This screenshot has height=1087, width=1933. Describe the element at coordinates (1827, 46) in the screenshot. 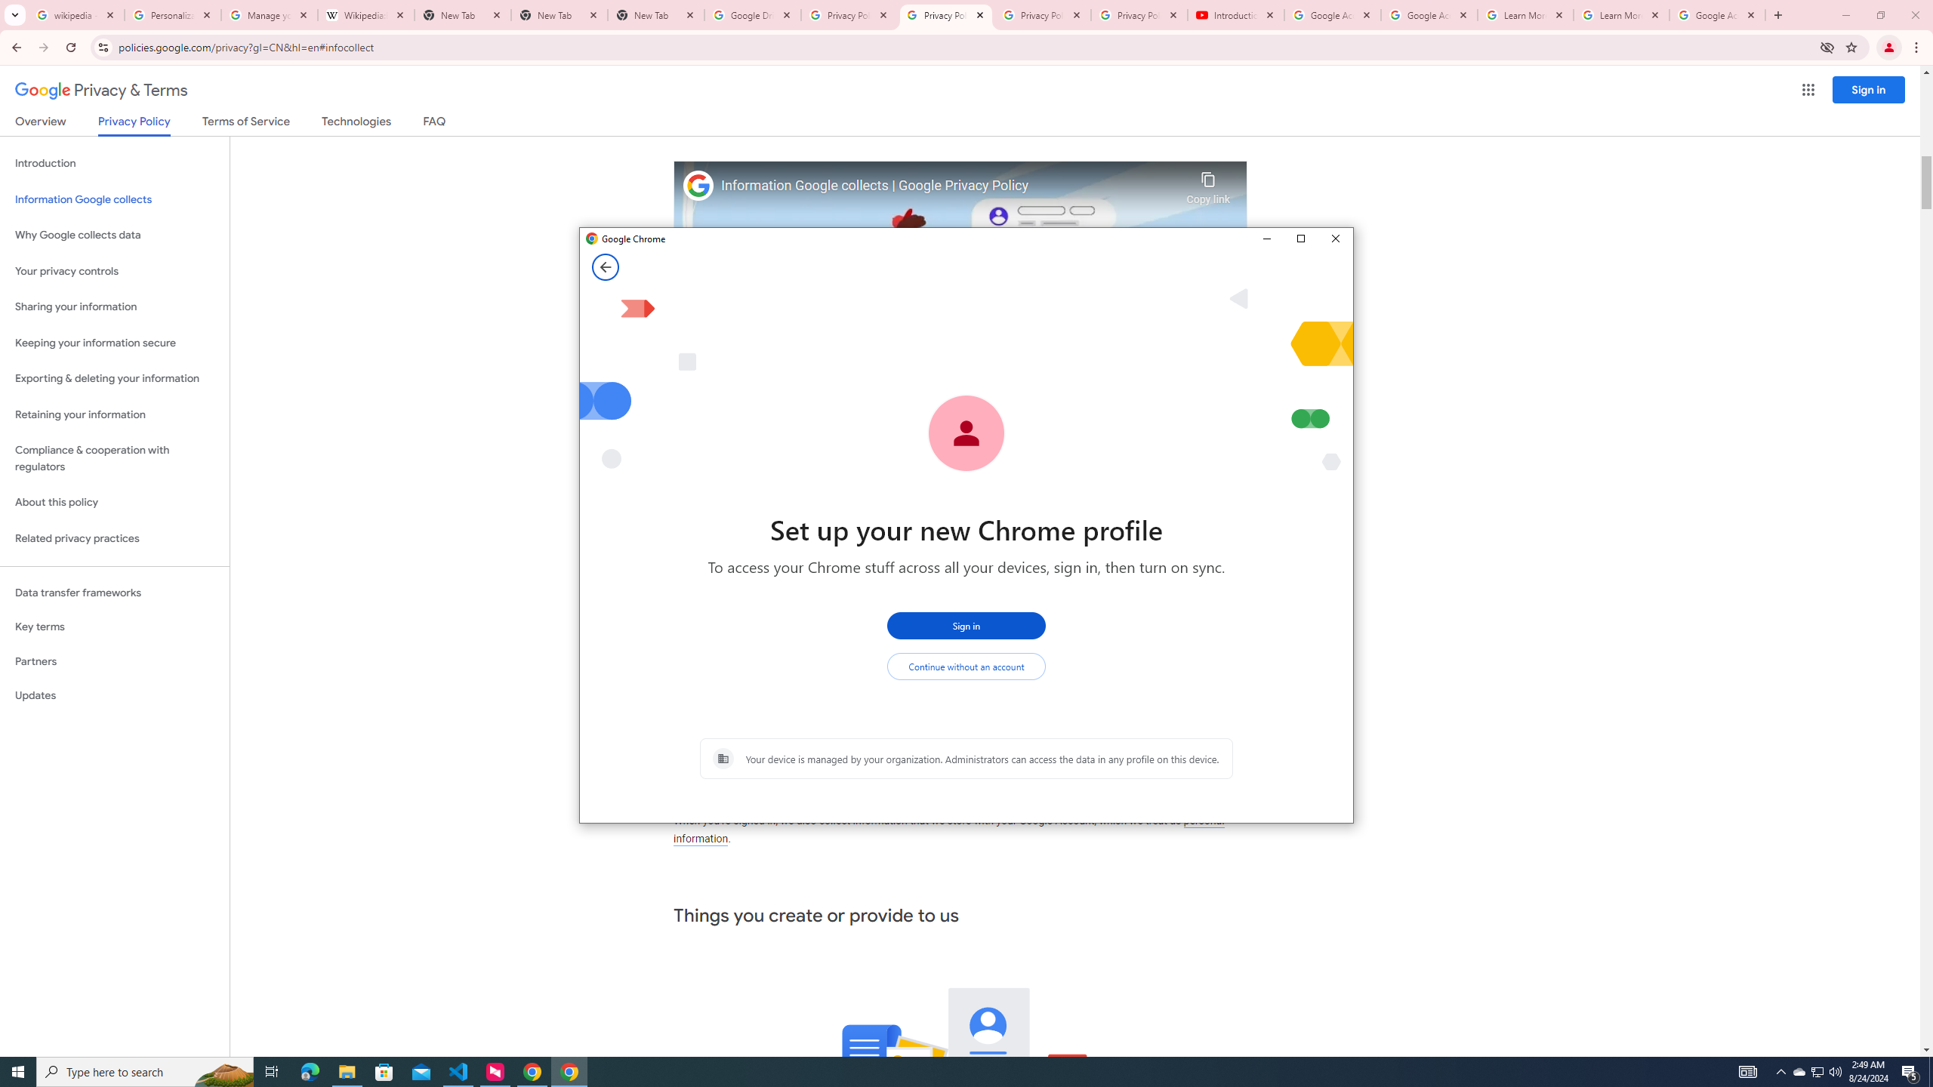

I see `'Third-party cookies blocked'` at that location.